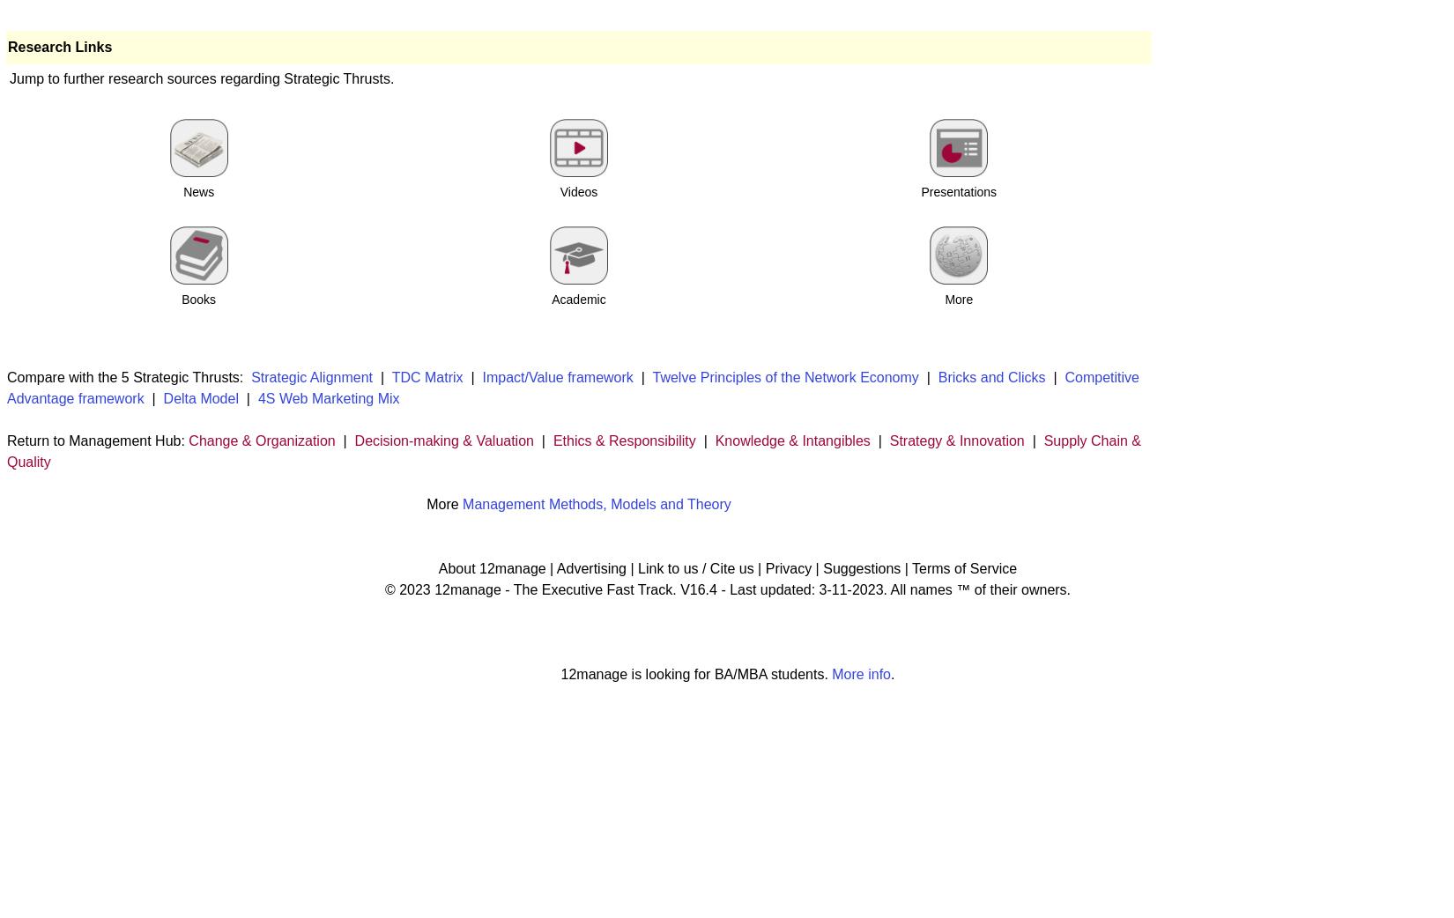 This screenshot has height=918, width=1454. Describe the element at coordinates (694, 567) in the screenshot. I see `'Link to us / Cite us'` at that location.